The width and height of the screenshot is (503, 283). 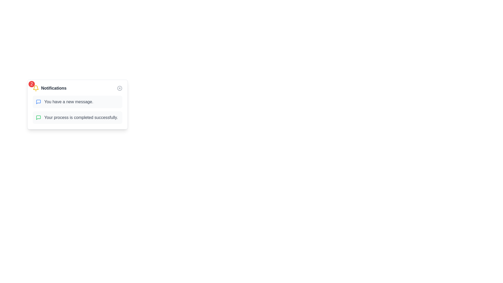 I want to click on the text label displaying 'You have a new message.' which is part of the second notification in a vertical list, so click(x=68, y=102).